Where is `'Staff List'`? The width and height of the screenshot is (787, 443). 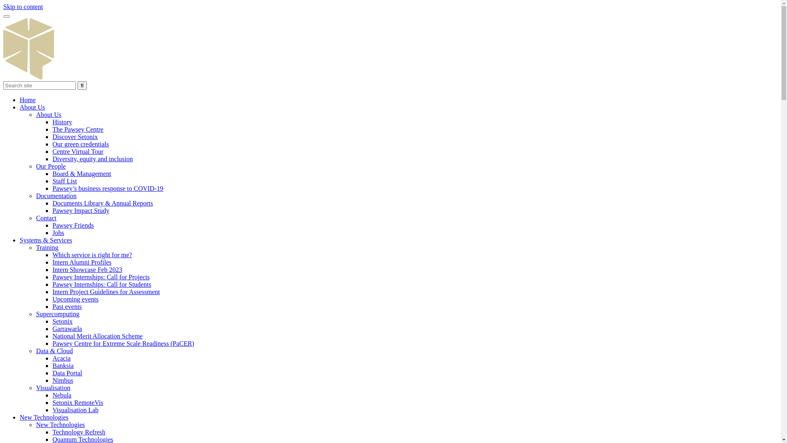
'Staff List' is located at coordinates (64, 180).